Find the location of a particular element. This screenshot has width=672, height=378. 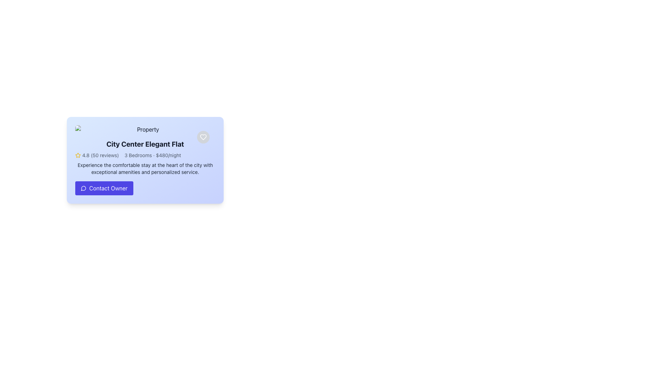

the Text Label that displays the name or title of the property, located just below the title 'Property' in the card is located at coordinates (145, 144).